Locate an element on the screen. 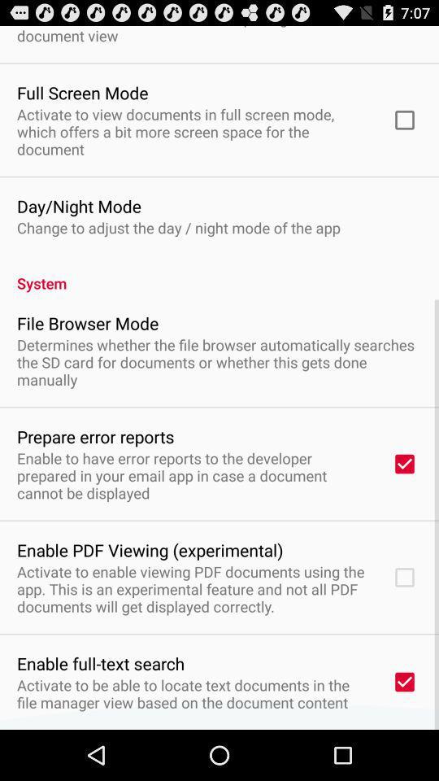 The image size is (439, 781). the icon above the activate to be is located at coordinates (101, 663).